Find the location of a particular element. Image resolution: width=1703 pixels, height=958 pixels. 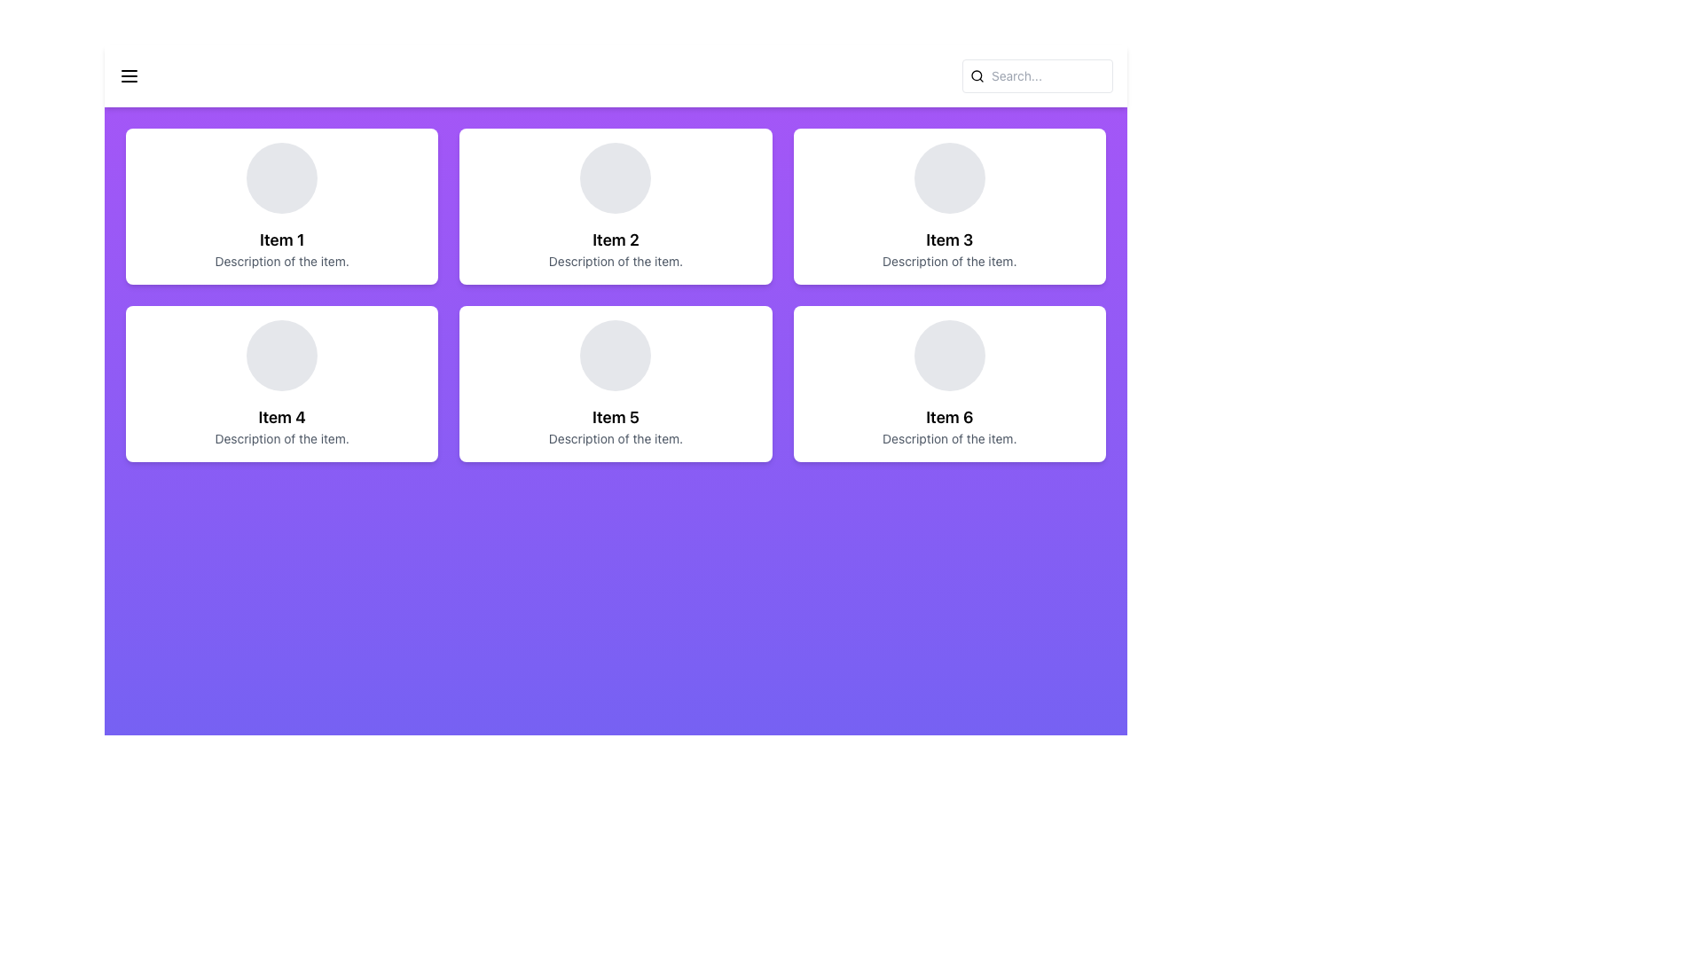

the textual description element for 'Item 5' located in the second row, second column of the 2x3 grid layout is located at coordinates (616, 438).